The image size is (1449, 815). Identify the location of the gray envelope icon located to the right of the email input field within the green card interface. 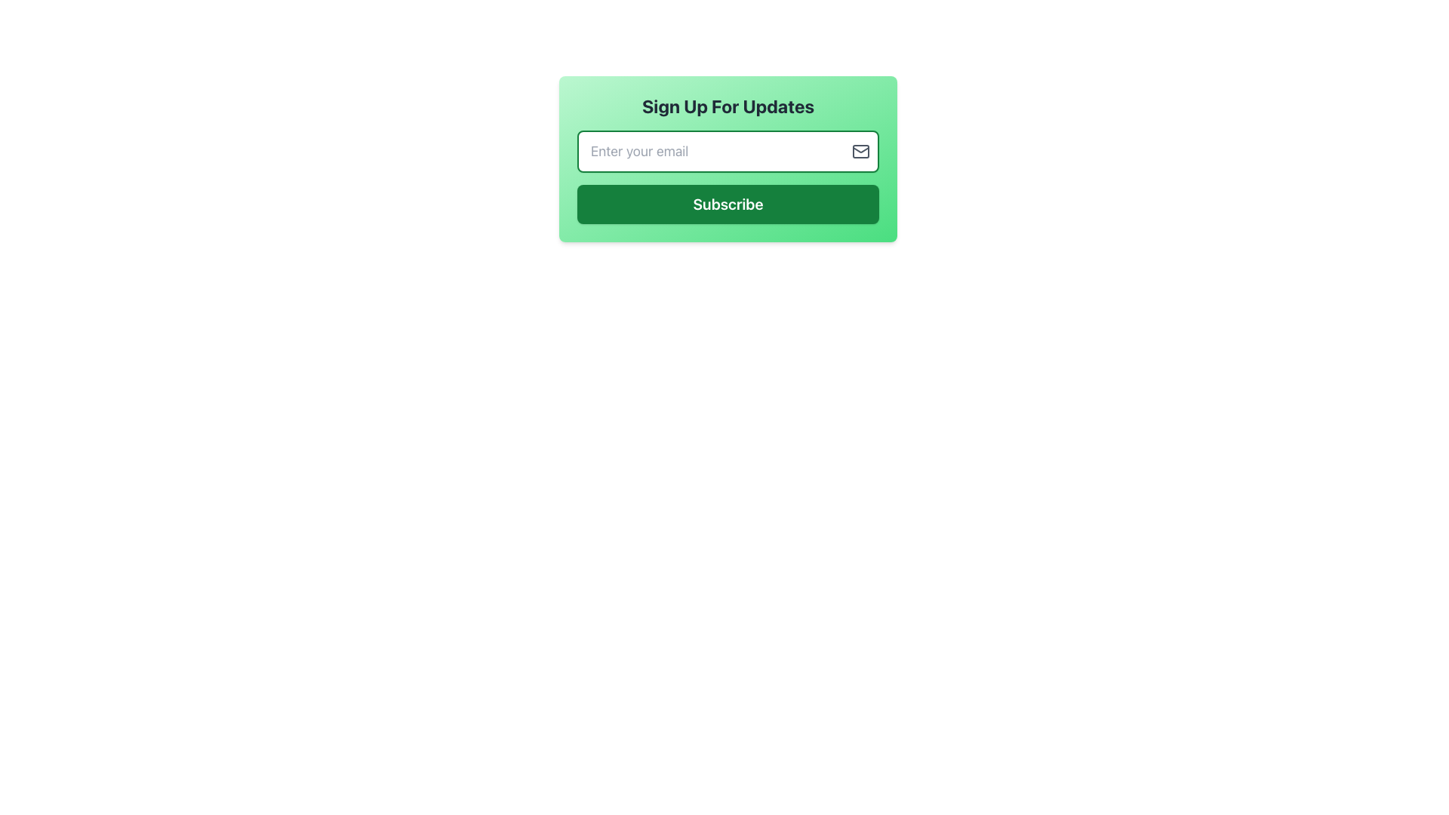
(861, 151).